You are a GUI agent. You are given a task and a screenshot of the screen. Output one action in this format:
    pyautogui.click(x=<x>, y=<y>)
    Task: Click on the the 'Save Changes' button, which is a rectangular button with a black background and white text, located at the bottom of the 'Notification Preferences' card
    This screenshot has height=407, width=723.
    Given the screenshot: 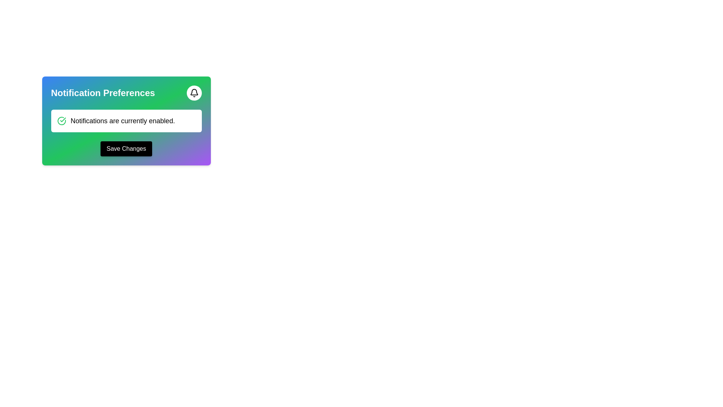 What is the action you would take?
    pyautogui.click(x=126, y=148)
    